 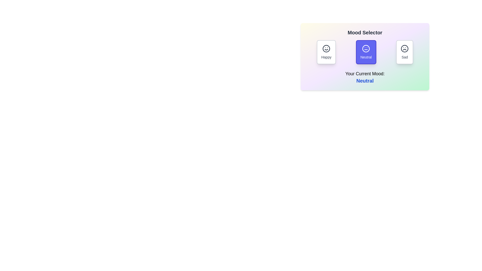 I want to click on the text label indicating the user's current mood, which is positioned below the mood buttons and above the word 'Neutral' in the 'Mood Selector' interface, so click(x=365, y=74).